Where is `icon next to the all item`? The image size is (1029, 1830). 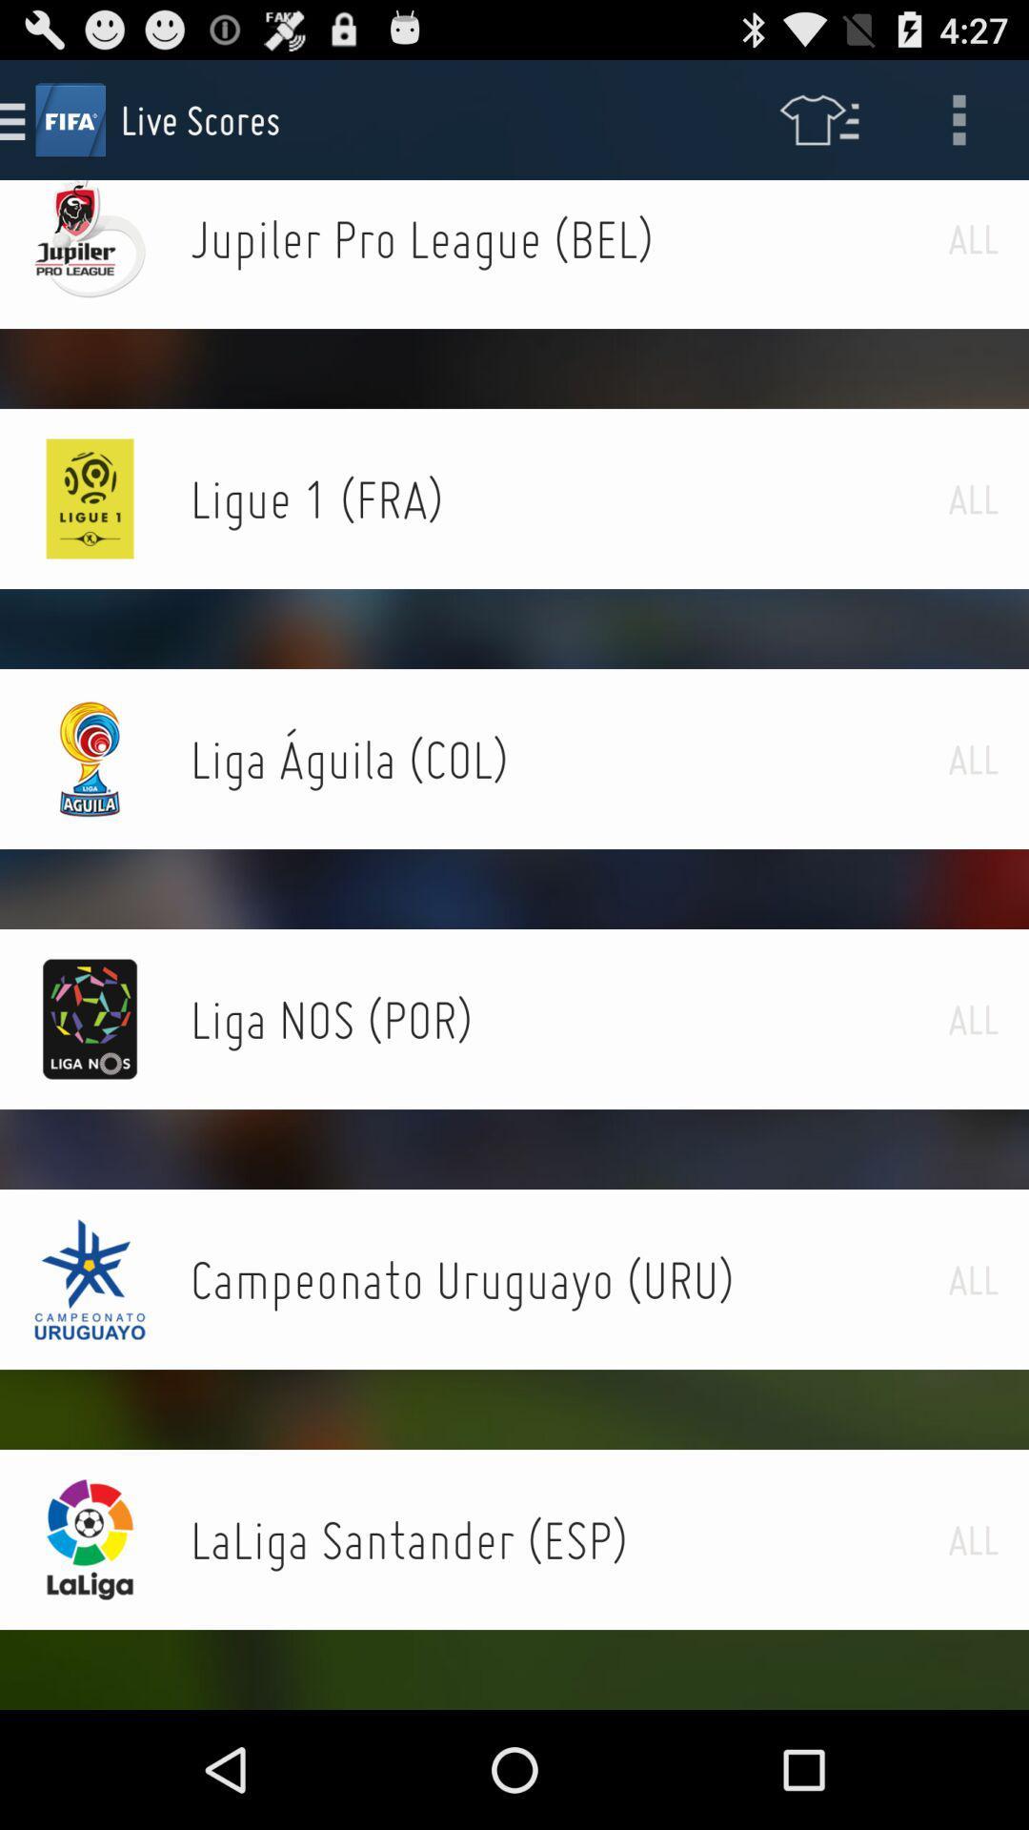
icon next to the all item is located at coordinates (568, 758).